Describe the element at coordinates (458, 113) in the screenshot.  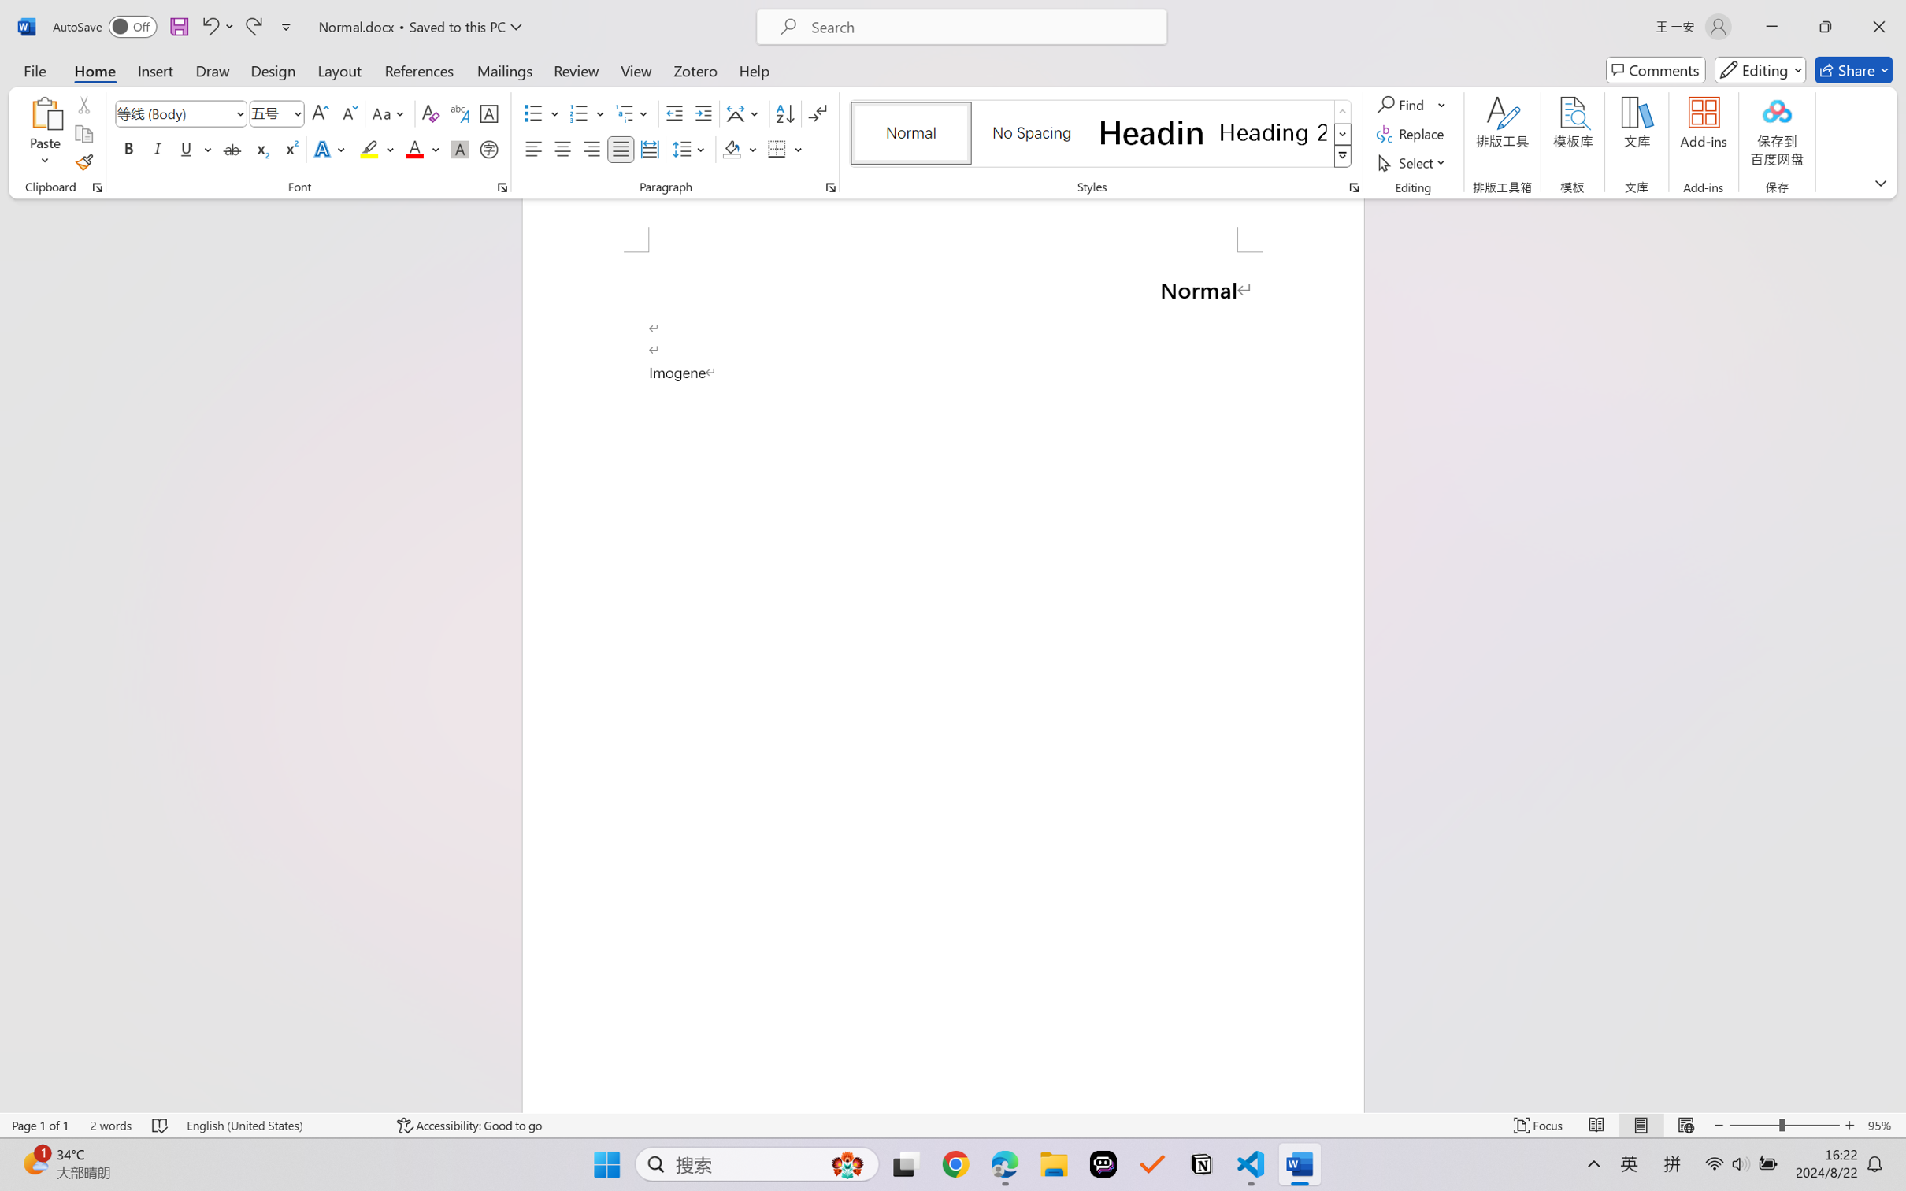
I see `'Phonetic Guide...'` at that location.